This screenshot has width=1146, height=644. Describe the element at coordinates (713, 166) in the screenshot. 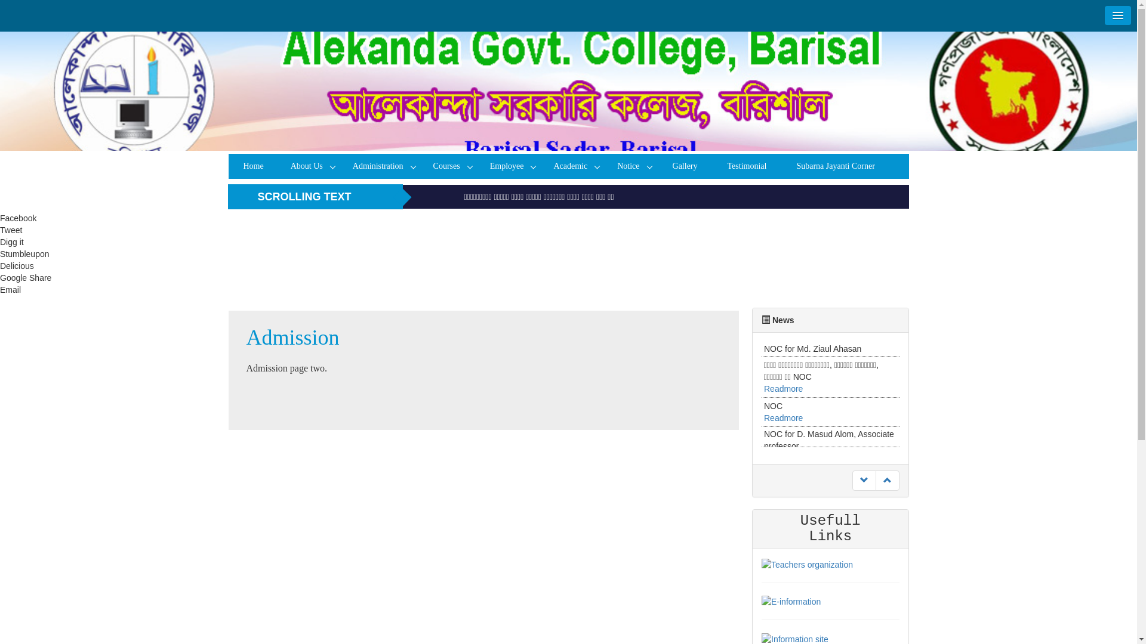

I see `'Testimonial'` at that location.